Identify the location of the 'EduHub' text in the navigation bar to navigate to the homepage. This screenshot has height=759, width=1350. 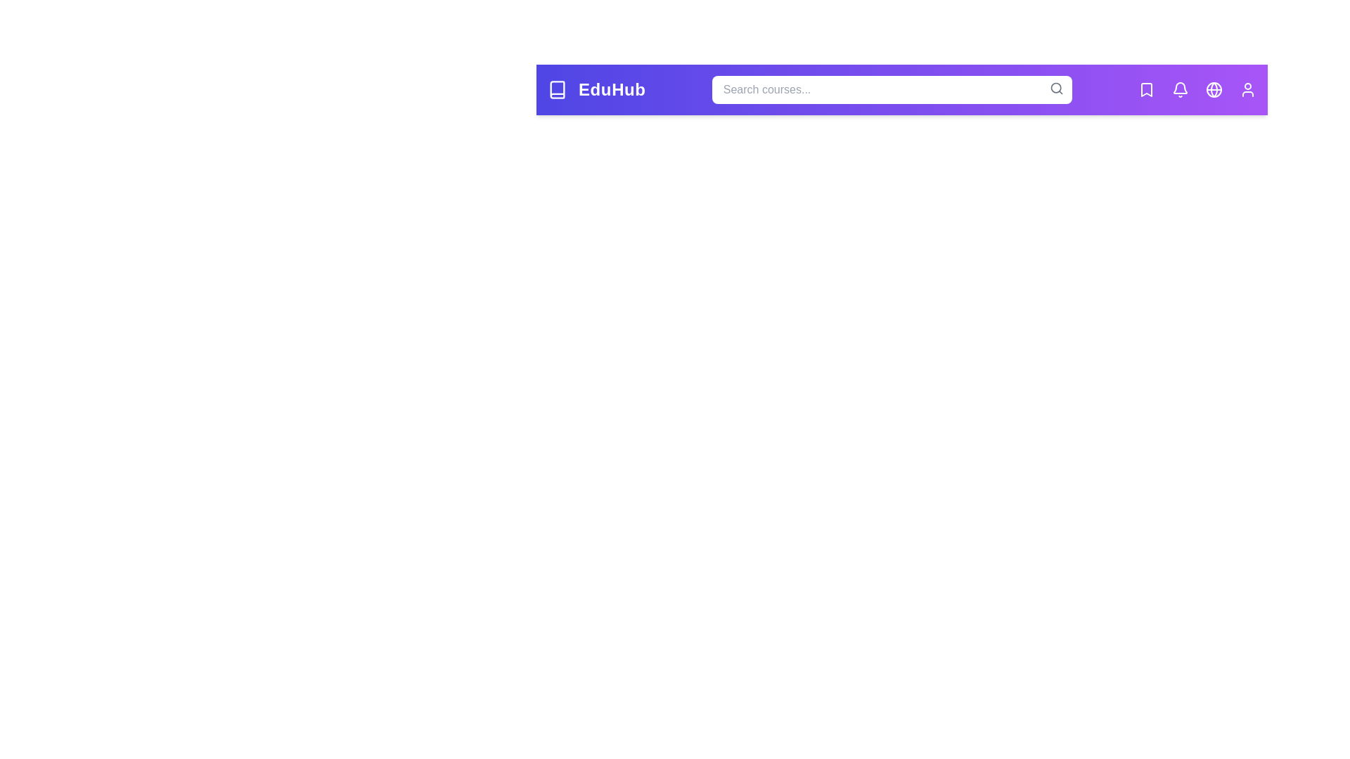
(611, 89).